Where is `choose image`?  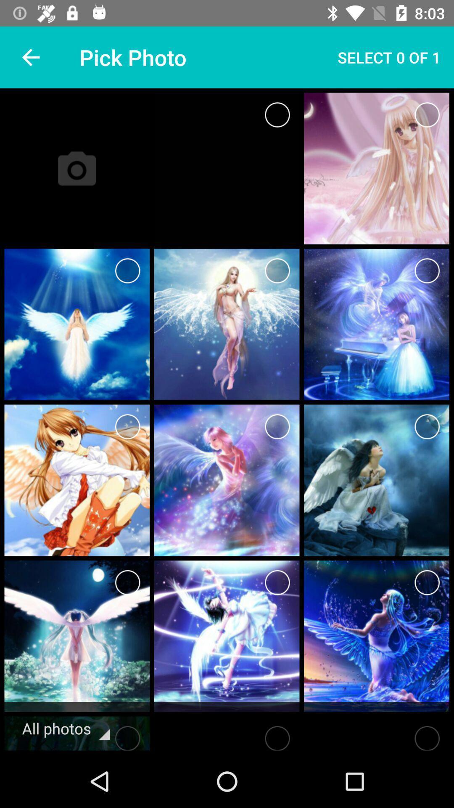
choose image is located at coordinates (427, 426).